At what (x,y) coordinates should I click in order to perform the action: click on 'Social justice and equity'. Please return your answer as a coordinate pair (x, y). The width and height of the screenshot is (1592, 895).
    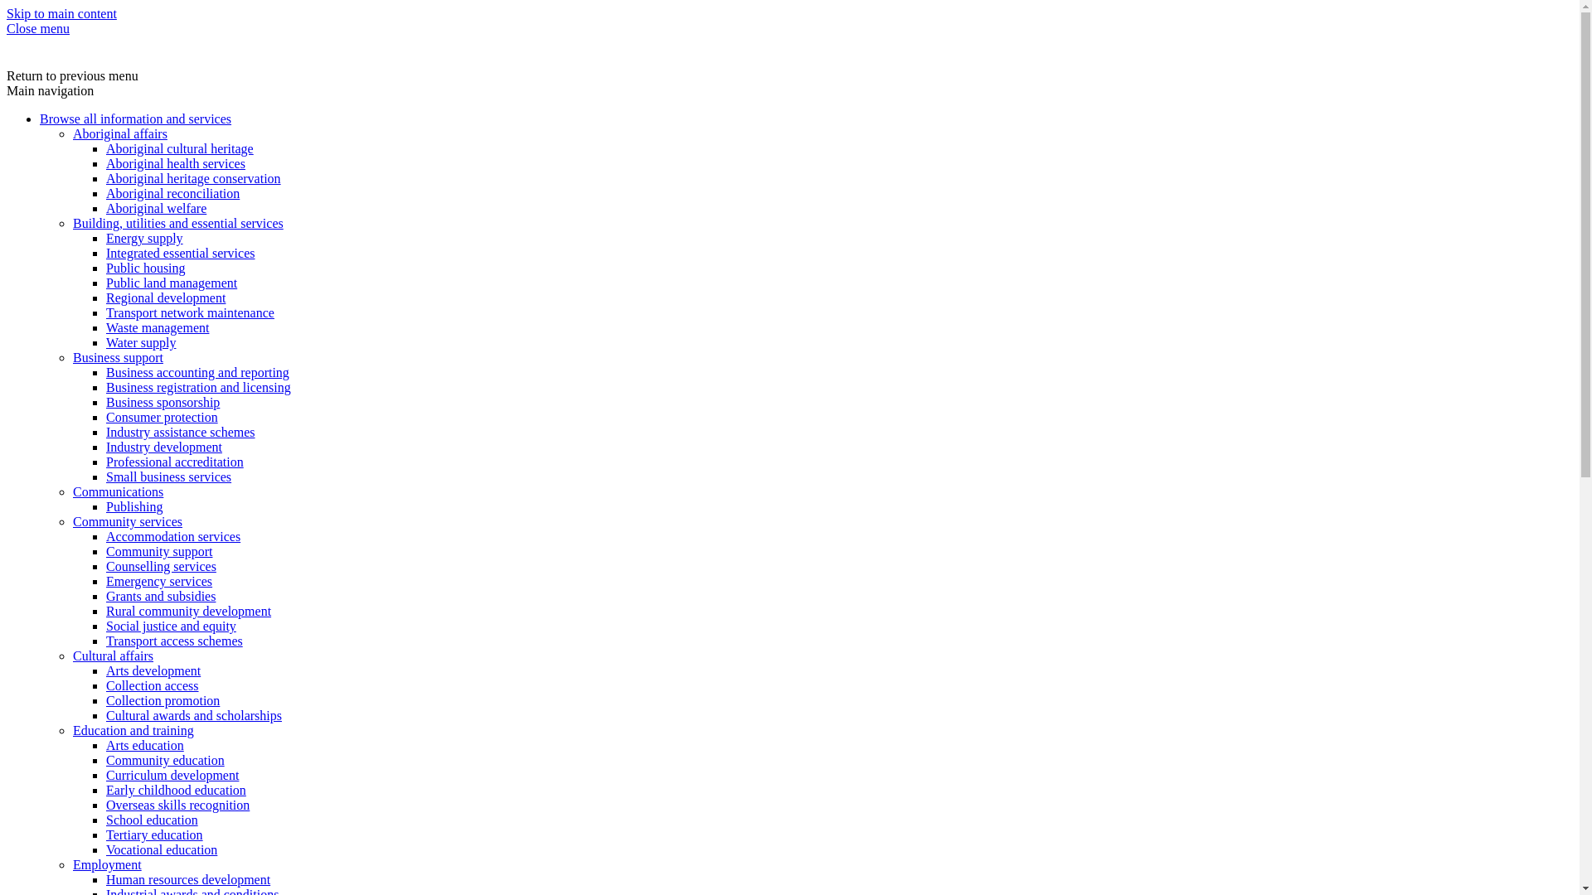
    Looking at the image, I should click on (171, 626).